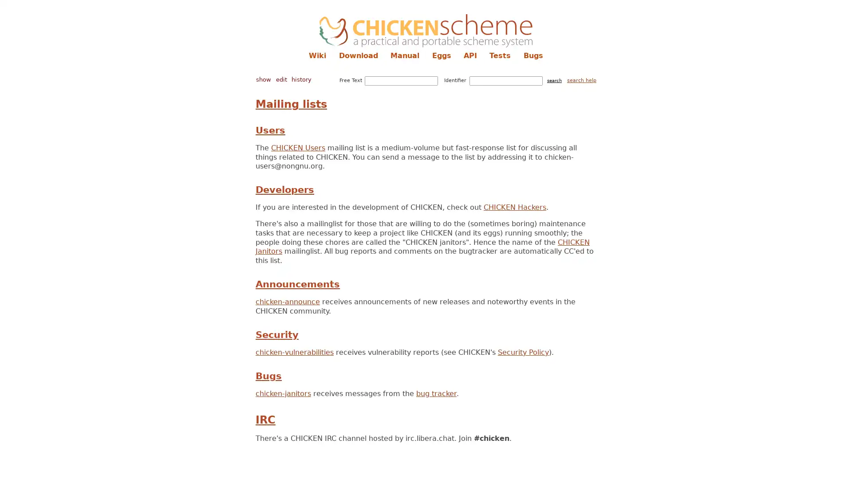 The image size is (852, 479). What do you see at coordinates (553, 80) in the screenshot?
I see `search` at bounding box center [553, 80].